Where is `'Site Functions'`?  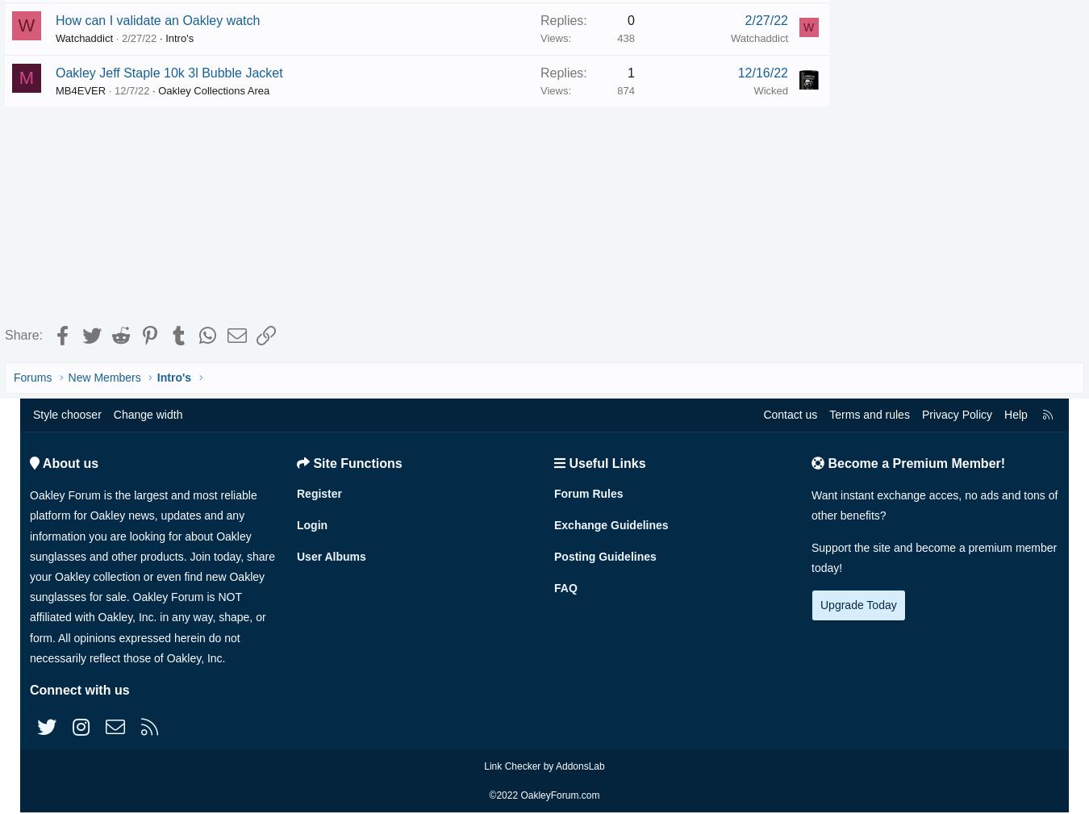 'Site Functions' is located at coordinates (356, 466).